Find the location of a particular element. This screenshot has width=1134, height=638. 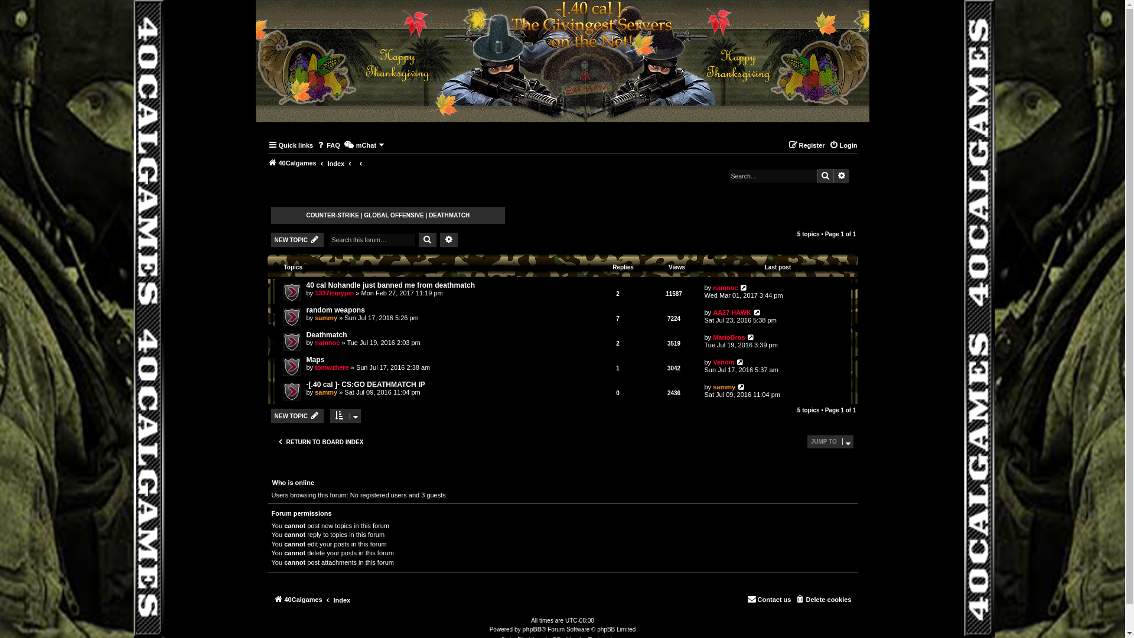

'namnoc' is located at coordinates (327, 342).